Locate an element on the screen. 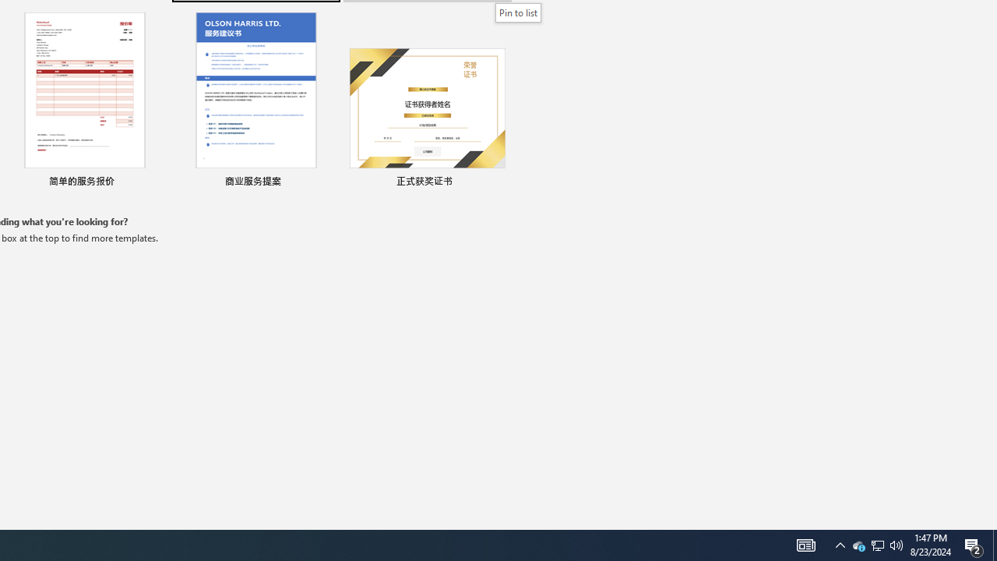 This screenshot has width=997, height=561. 'Pin to list' is located at coordinates (518, 12).